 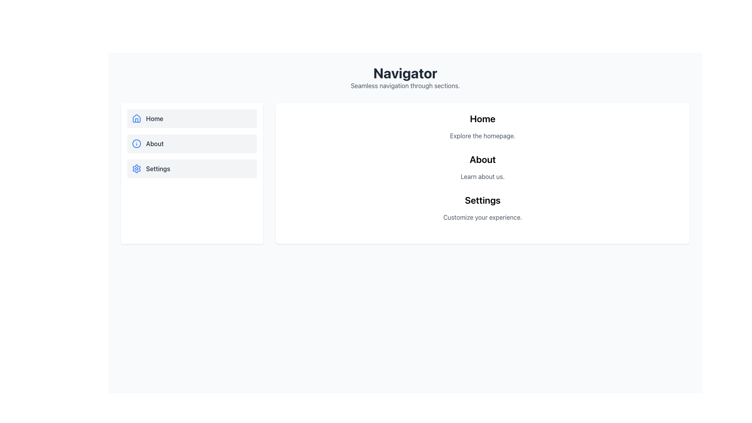 What do you see at coordinates (157, 168) in the screenshot?
I see `the 'Settings' text label in the clickable navigation menu item` at bounding box center [157, 168].